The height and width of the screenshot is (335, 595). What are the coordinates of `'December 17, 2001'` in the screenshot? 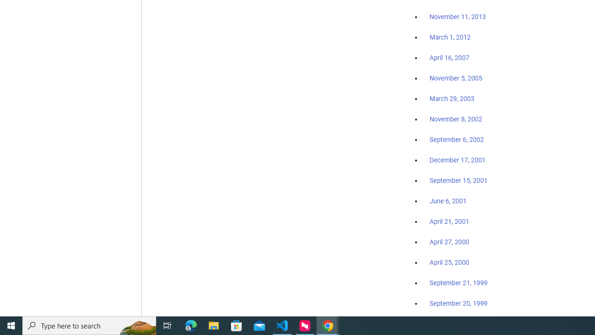 It's located at (457, 159).